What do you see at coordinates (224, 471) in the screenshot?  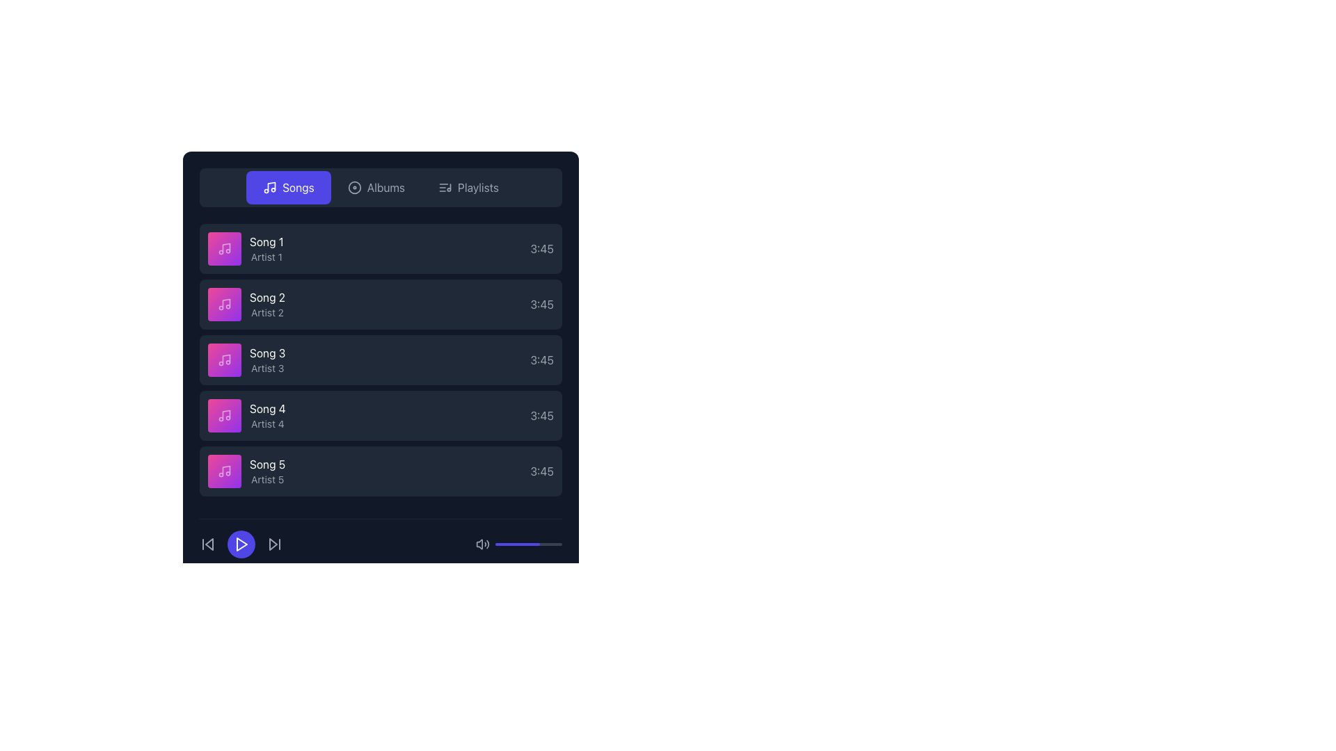 I see `the small square icon with rounded corners, gradient fill from pink to purple, and a white musical note symbol located next to 'Song 5' and 'Artist 5'` at bounding box center [224, 471].